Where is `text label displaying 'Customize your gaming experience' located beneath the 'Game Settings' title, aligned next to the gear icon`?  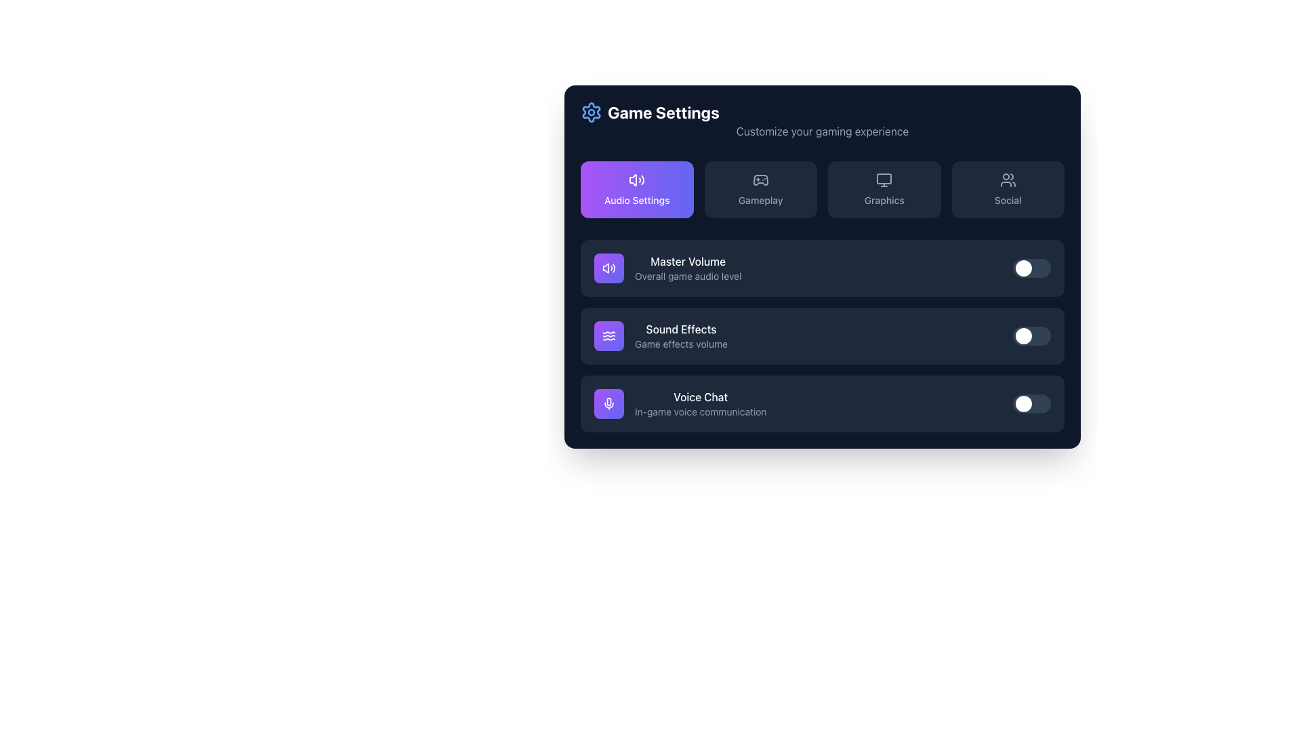
text label displaying 'Customize your gaming experience' located beneath the 'Game Settings' title, aligned next to the gear icon is located at coordinates (822, 131).